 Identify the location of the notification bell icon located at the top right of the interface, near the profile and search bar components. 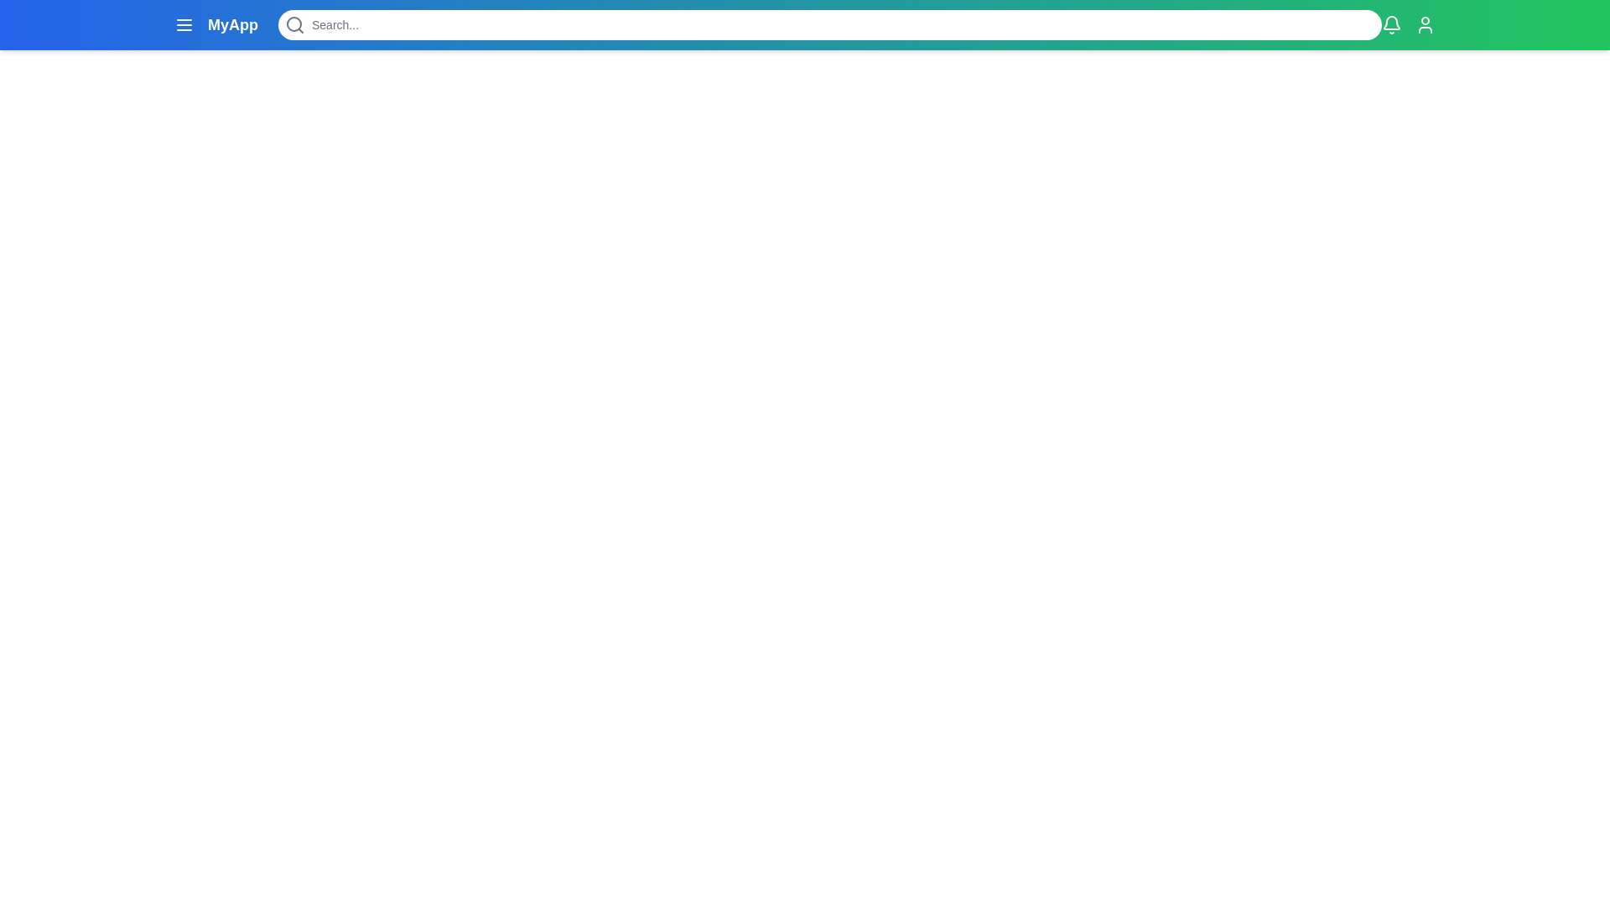
(1392, 23).